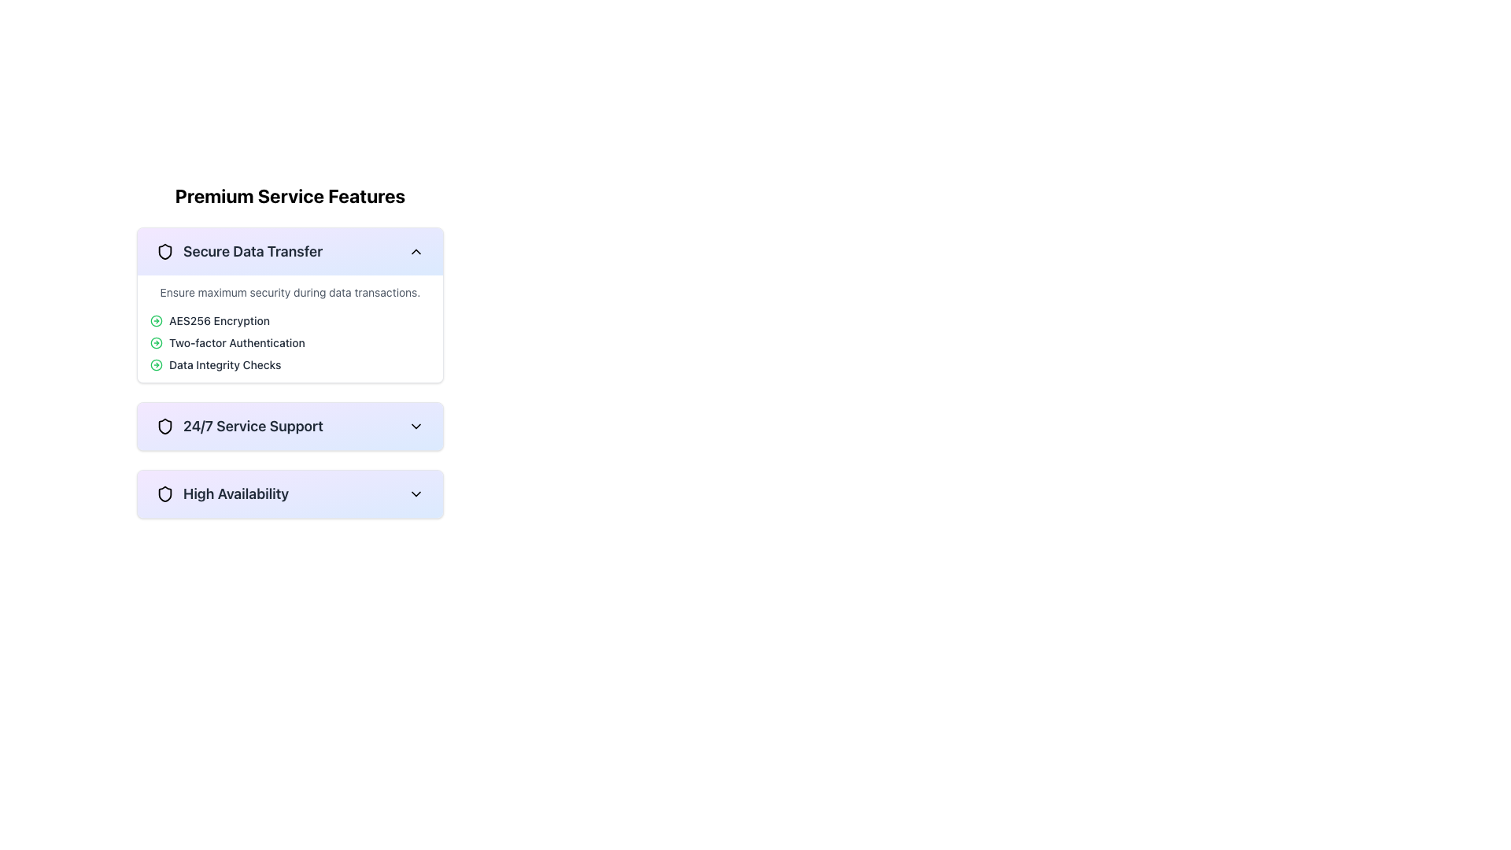  What do you see at coordinates (290, 364) in the screenshot?
I see `the third item in the vertical list under the 'Secure Data Transfer' section` at bounding box center [290, 364].